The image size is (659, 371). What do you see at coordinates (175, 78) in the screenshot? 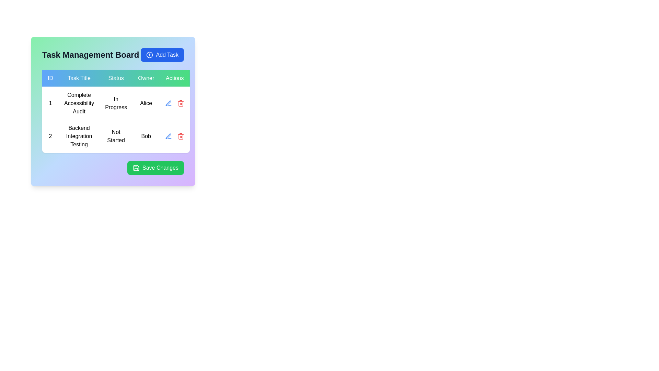
I see `the 'Actions' text label located in the header row of the table, which is the fifth item and is aligned to the right next to the 'Owner' column heading` at bounding box center [175, 78].